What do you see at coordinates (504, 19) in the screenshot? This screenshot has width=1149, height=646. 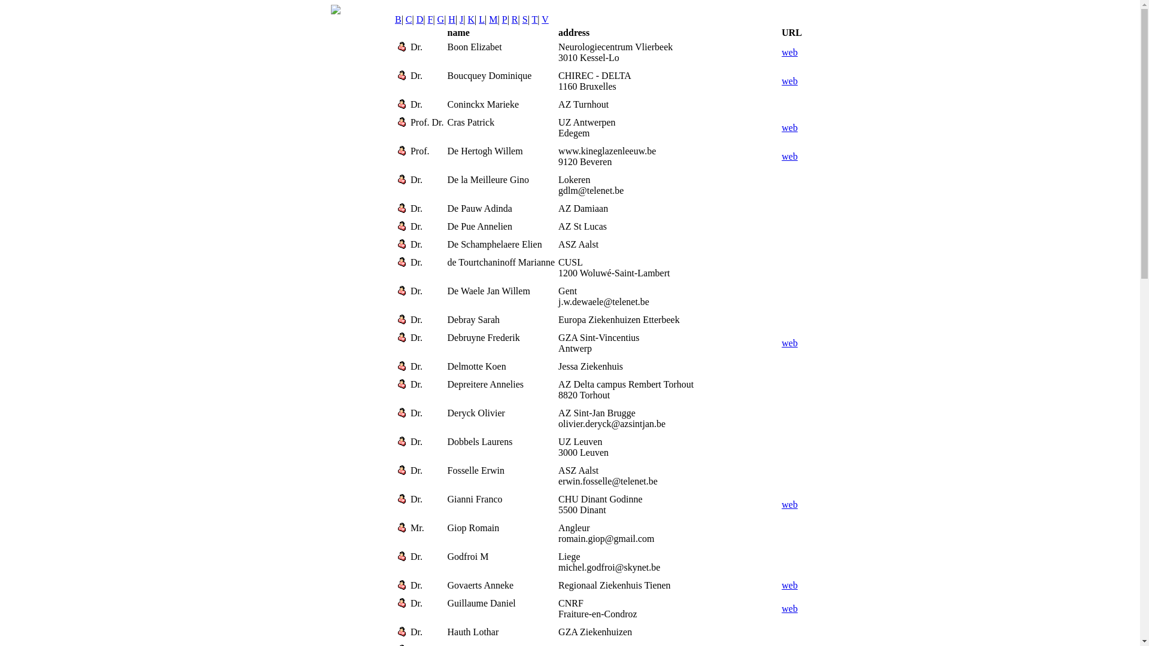 I see `'P'` at bounding box center [504, 19].